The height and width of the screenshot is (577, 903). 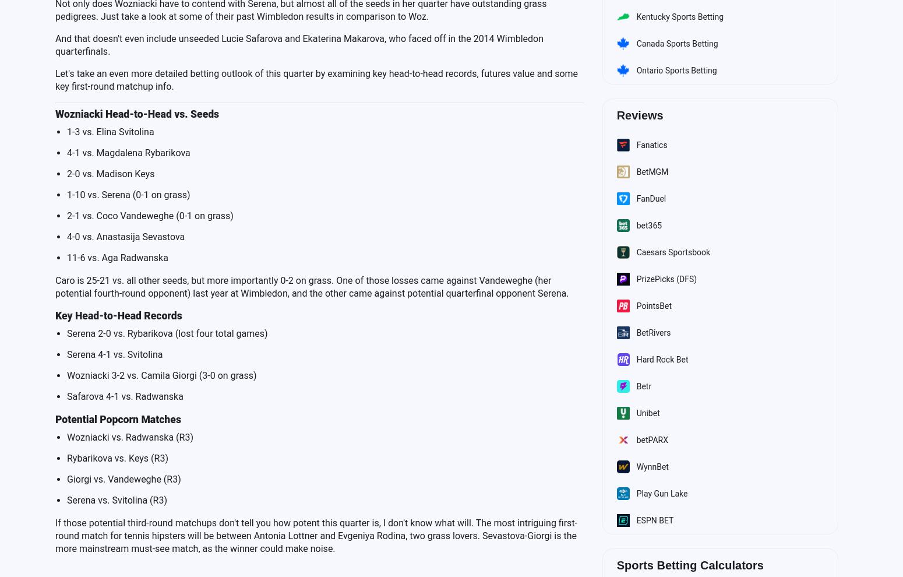 I want to click on 'Wozniacki 3-2 vs. Camila Giorgi (3-0 on grass)', so click(x=161, y=374).